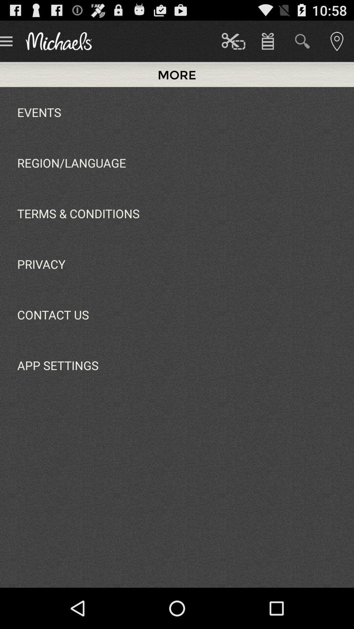 The width and height of the screenshot is (354, 629). I want to click on the app above the privacy app, so click(78, 213).